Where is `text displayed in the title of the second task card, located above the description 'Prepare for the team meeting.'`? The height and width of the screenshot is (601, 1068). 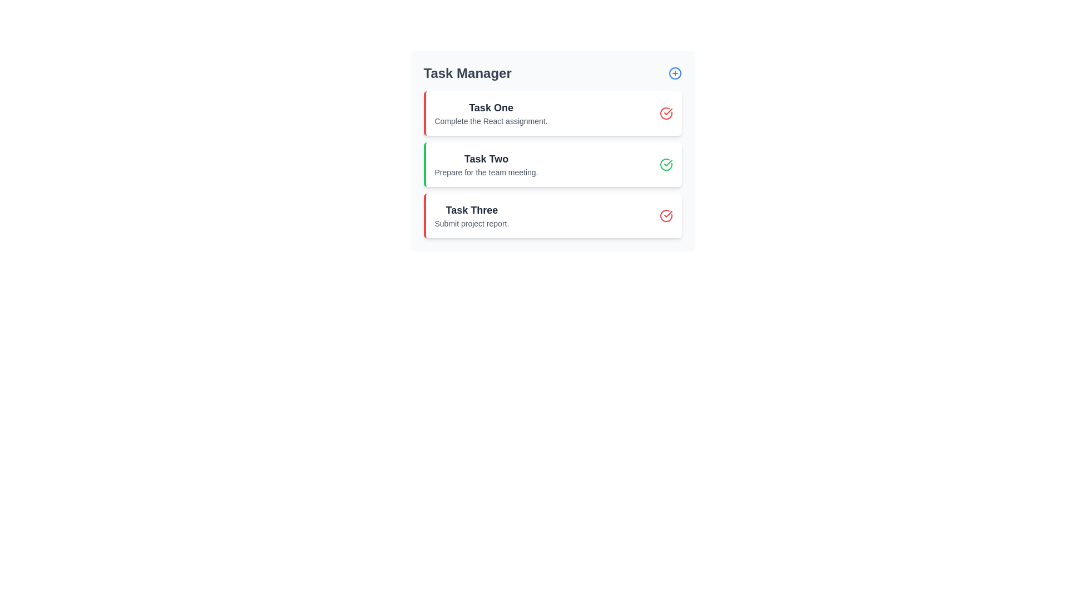 text displayed in the title of the second task card, located above the description 'Prepare for the team meeting.' is located at coordinates (486, 159).